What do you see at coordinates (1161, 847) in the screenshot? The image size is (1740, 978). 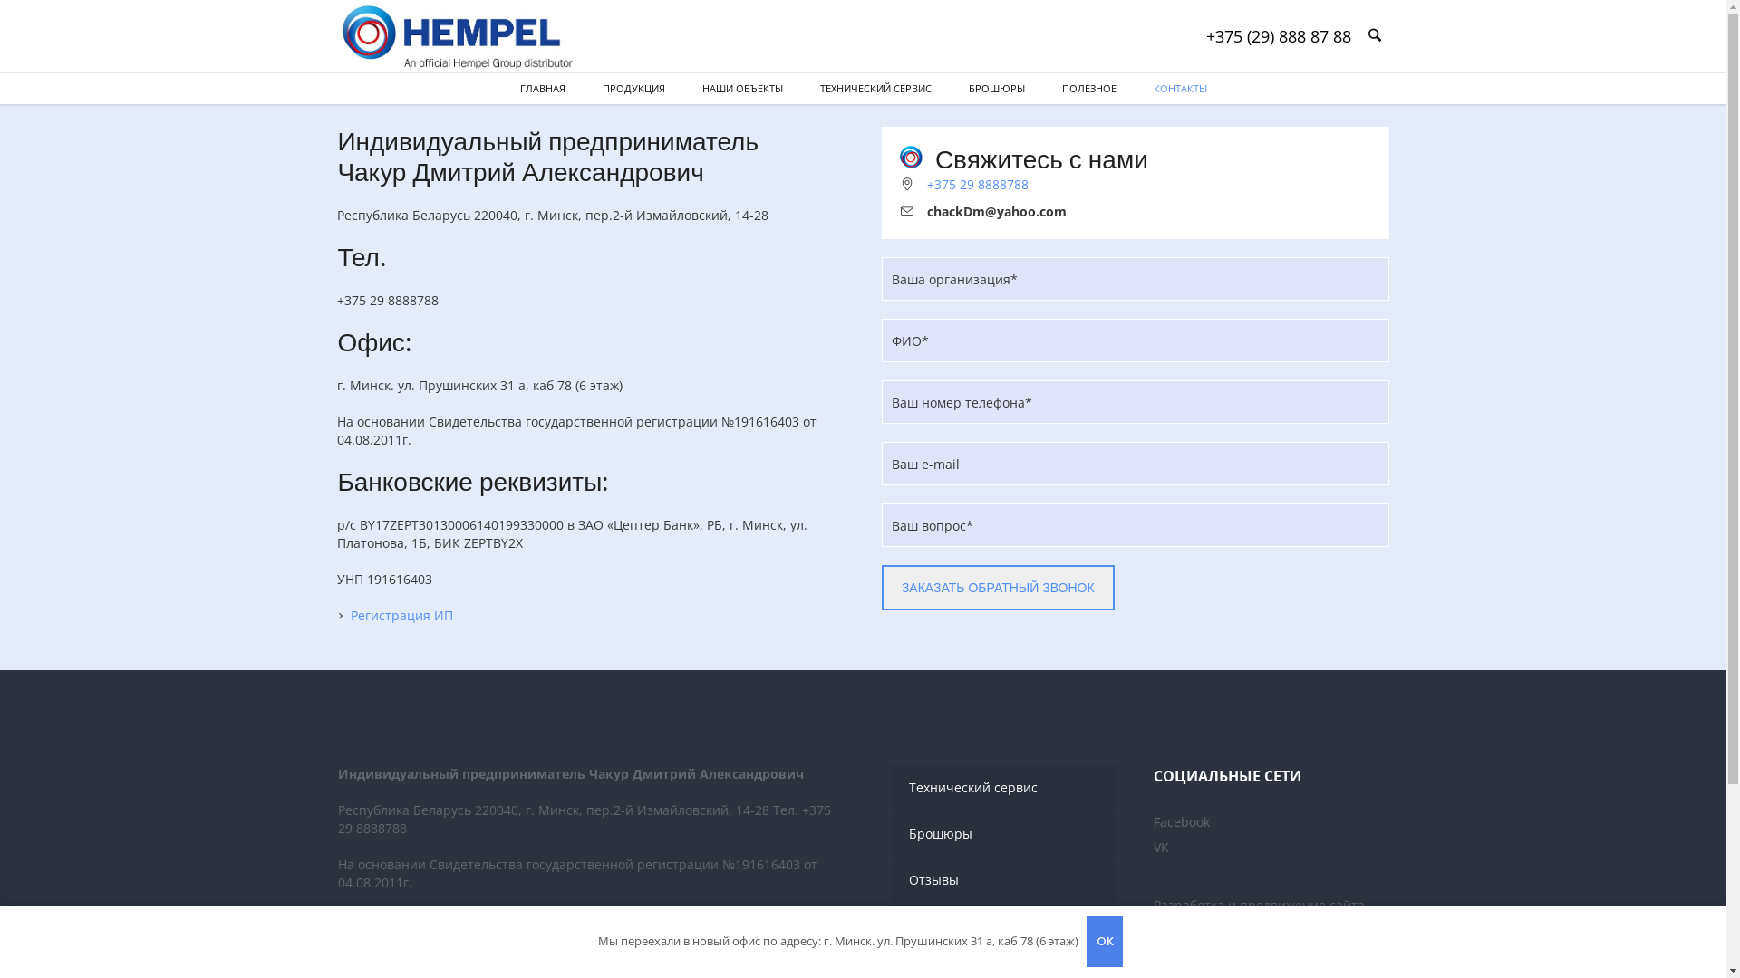 I see `'VK'` at bounding box center [1161, 847].